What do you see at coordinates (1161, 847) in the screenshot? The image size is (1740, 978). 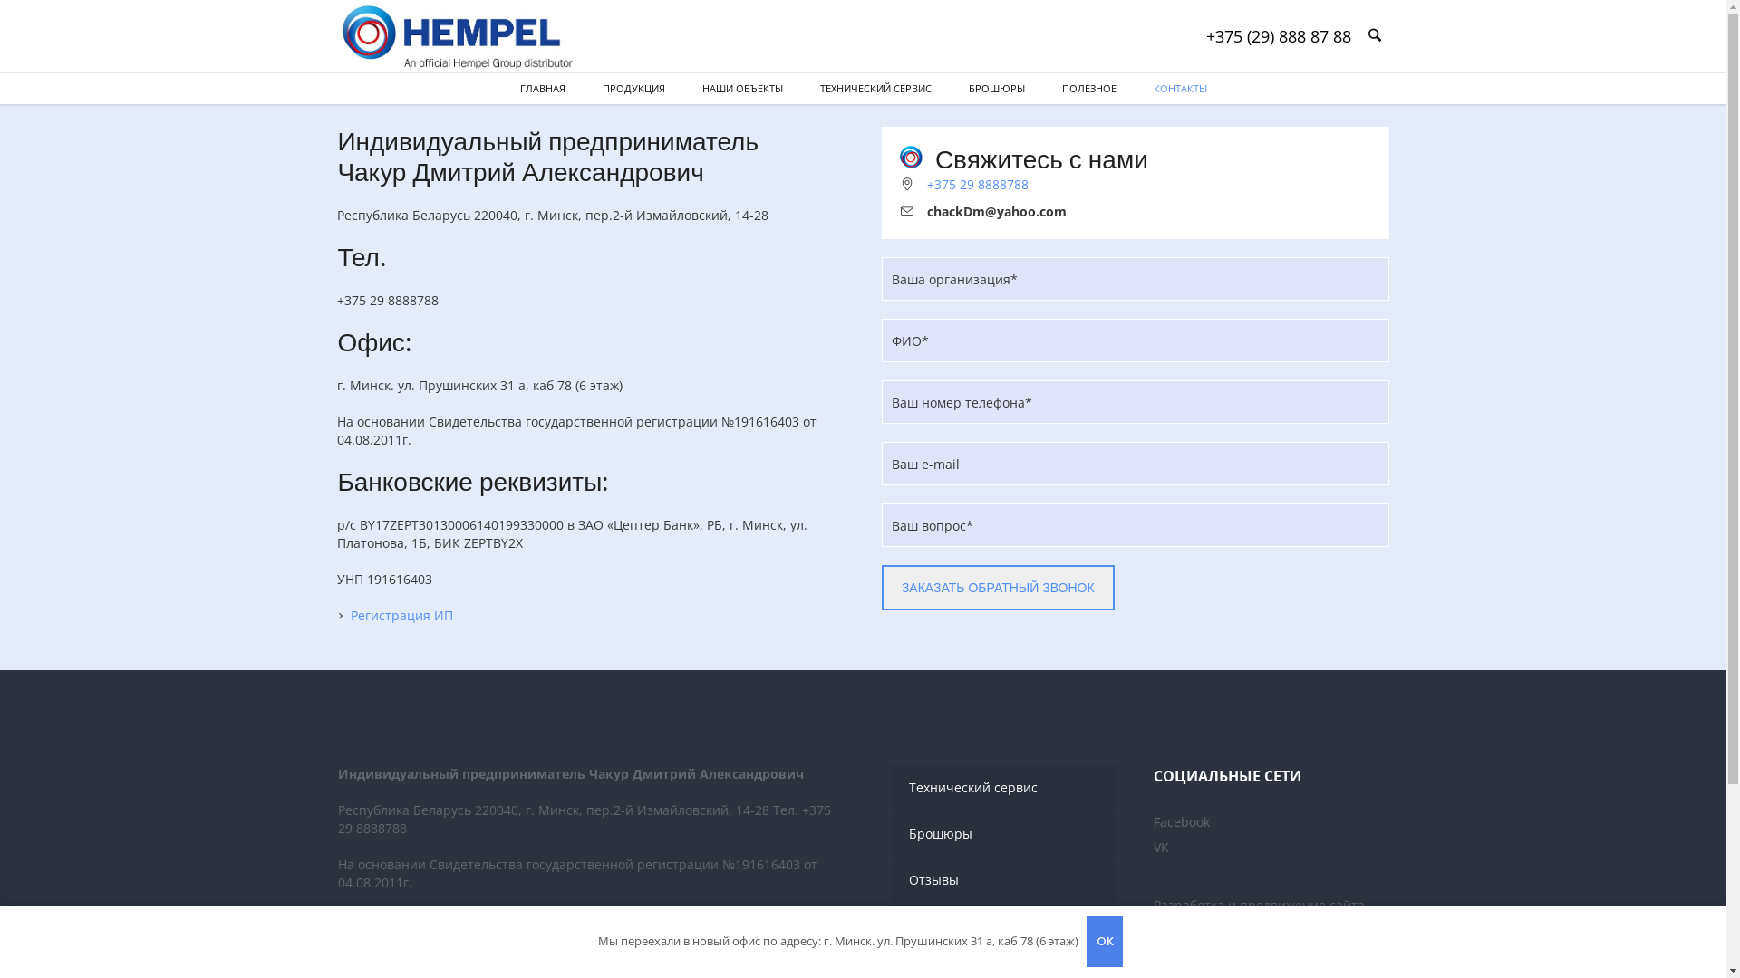 I see `'VK'` at bounding box center [1161, 847].